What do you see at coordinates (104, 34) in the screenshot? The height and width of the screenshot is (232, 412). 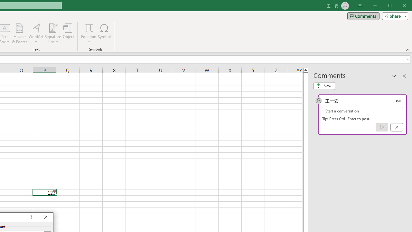 I see `'Symbol...'` at bounding box center [104, 34].